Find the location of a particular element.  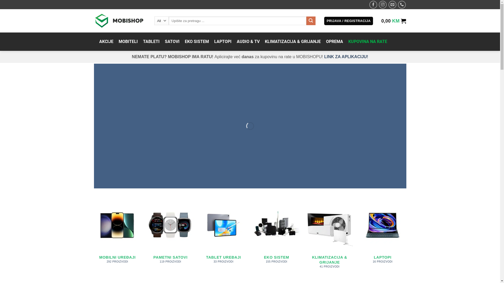

'EKO SISTEM is located at coordinates (276, 234).